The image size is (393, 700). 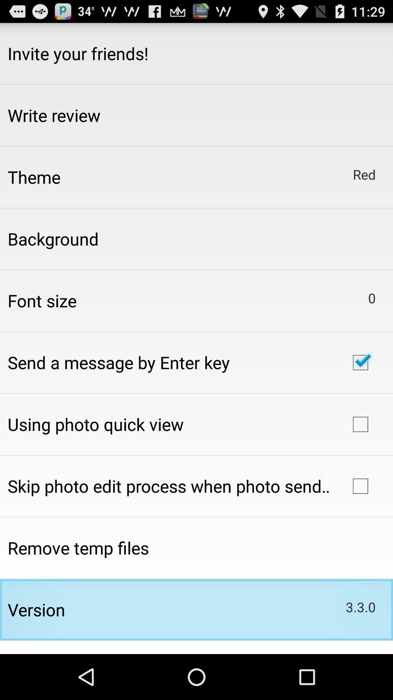 I want to click on using photo quick item, so click(x=95, y=424).